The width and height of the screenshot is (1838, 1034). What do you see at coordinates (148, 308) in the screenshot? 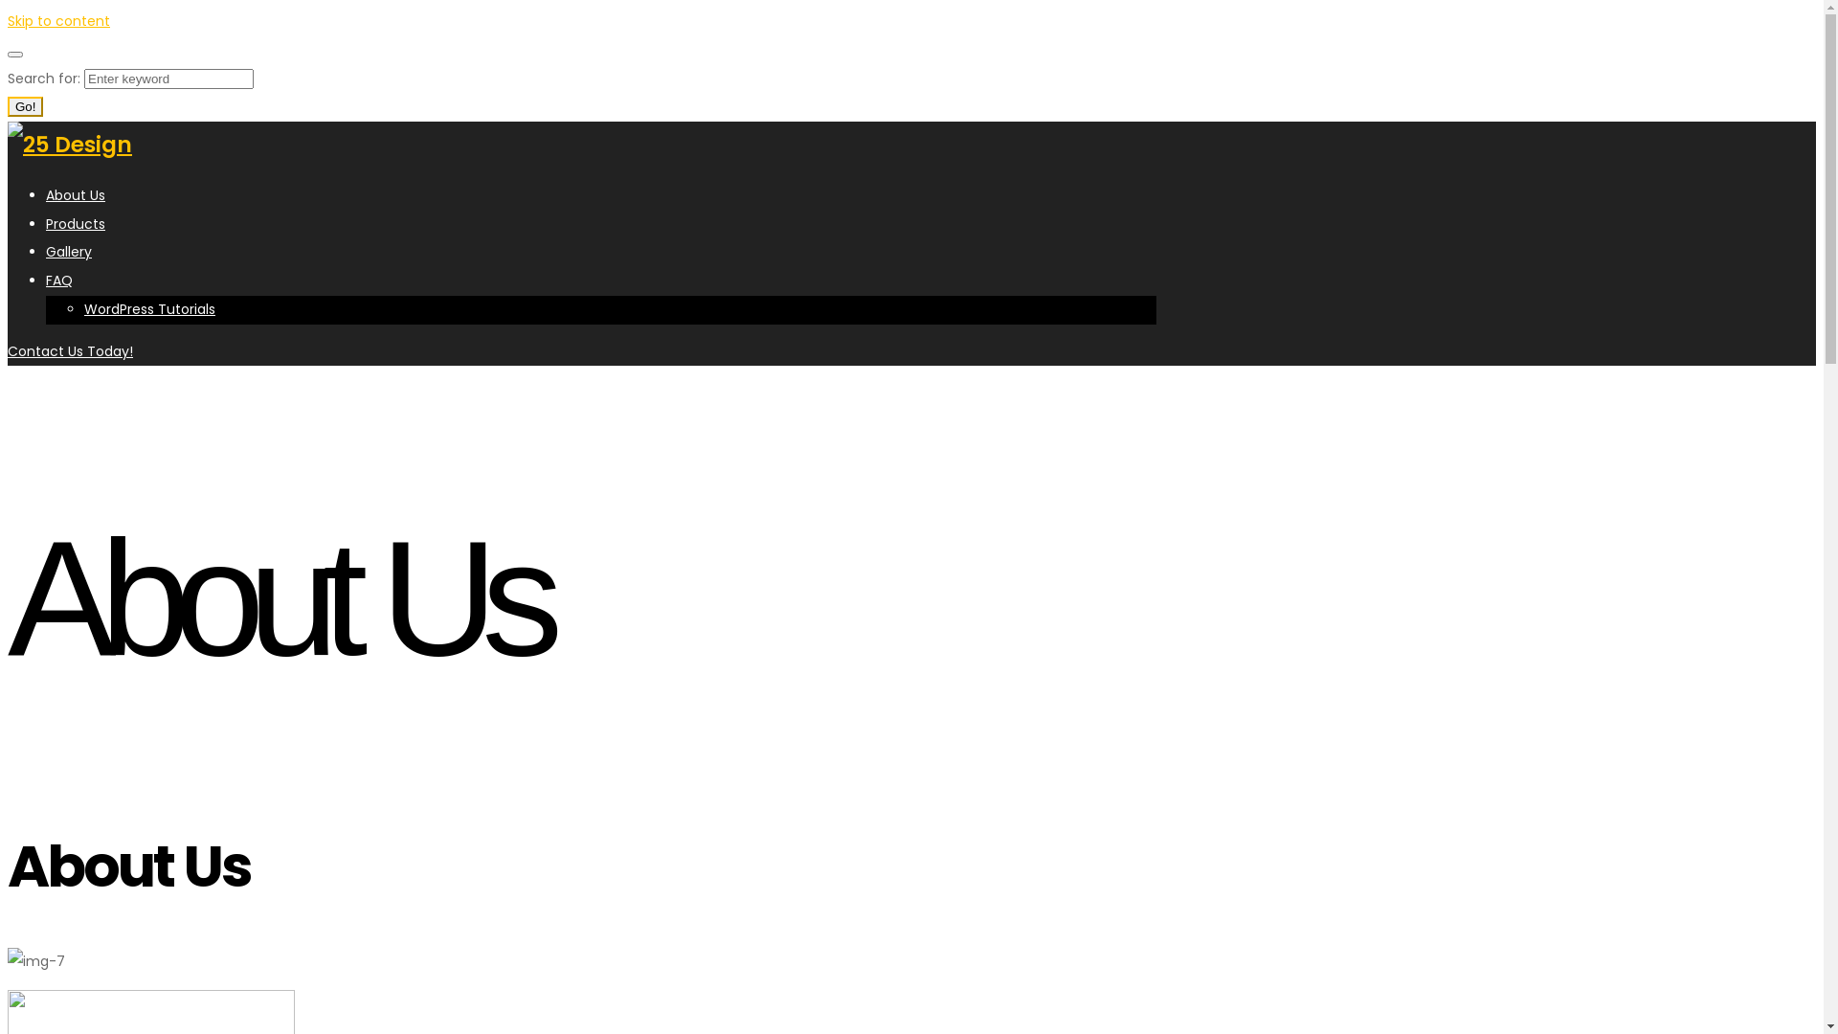
I see `'WordPress Tutorials'` at bounding box center [148, 308].